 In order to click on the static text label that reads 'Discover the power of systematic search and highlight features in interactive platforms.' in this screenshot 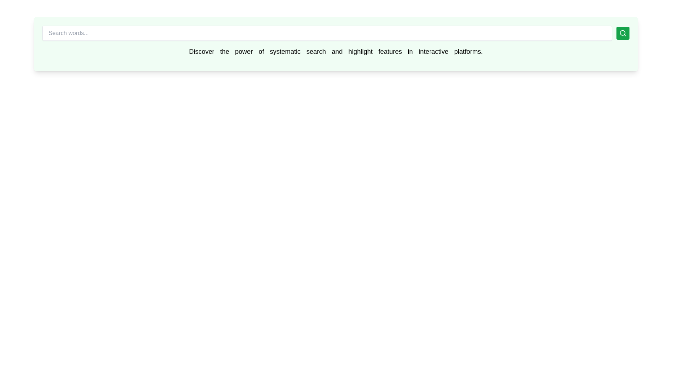, I will do `click(335, 51)`.